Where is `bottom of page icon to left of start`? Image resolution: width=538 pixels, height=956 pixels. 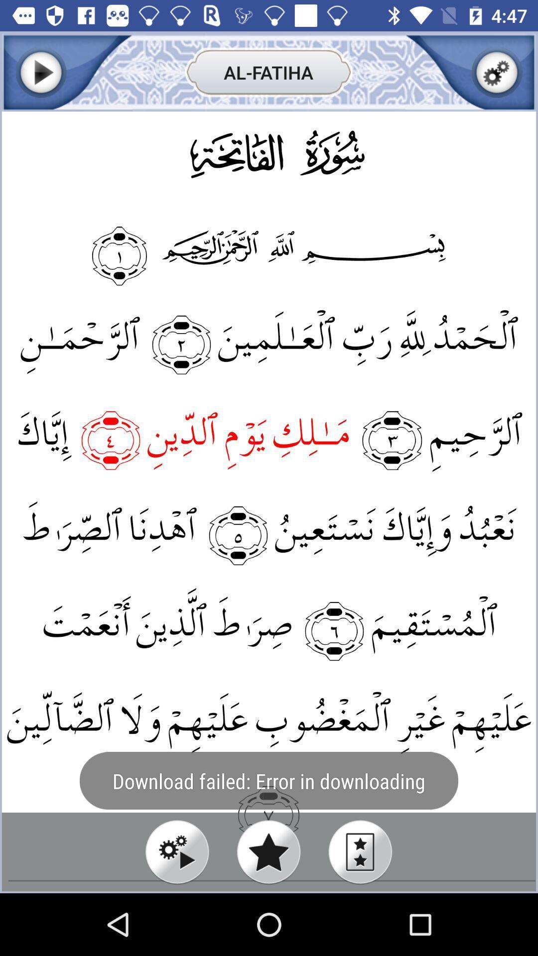 bottom of page icon to left of start is located at coordinates (176, 851).